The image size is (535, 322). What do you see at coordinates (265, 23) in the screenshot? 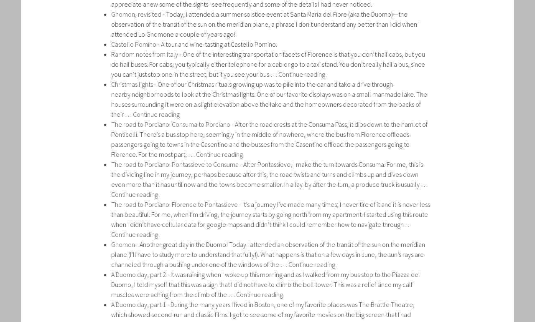
I see `'Today, I attended a summer solstice event at Santa Maria del Fiore (aka the Duomo)—the observation of the transit of the sun on the meridian plane, a phrase I don't understand any better than I did when I attended Lo Gnomone a couple of years ago!'` at bounding box center [265, 23].